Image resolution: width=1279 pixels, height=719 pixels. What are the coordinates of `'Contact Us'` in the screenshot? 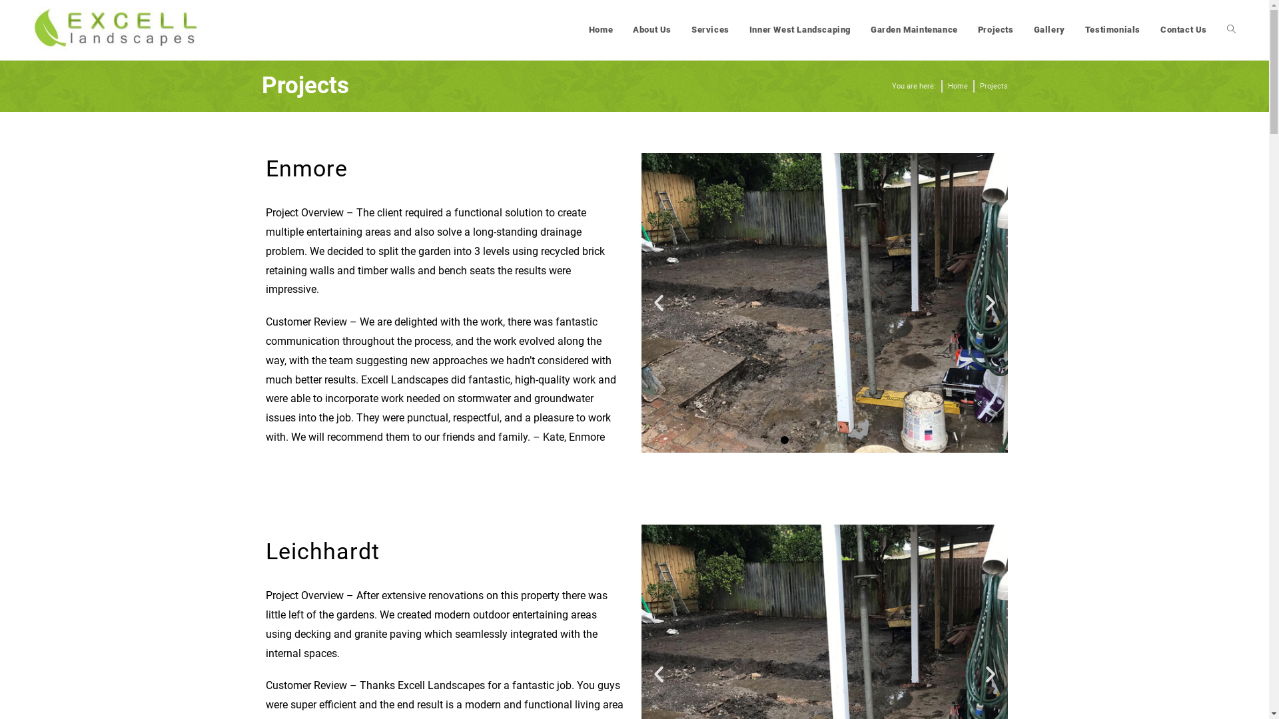 It's located at (1183, 30).